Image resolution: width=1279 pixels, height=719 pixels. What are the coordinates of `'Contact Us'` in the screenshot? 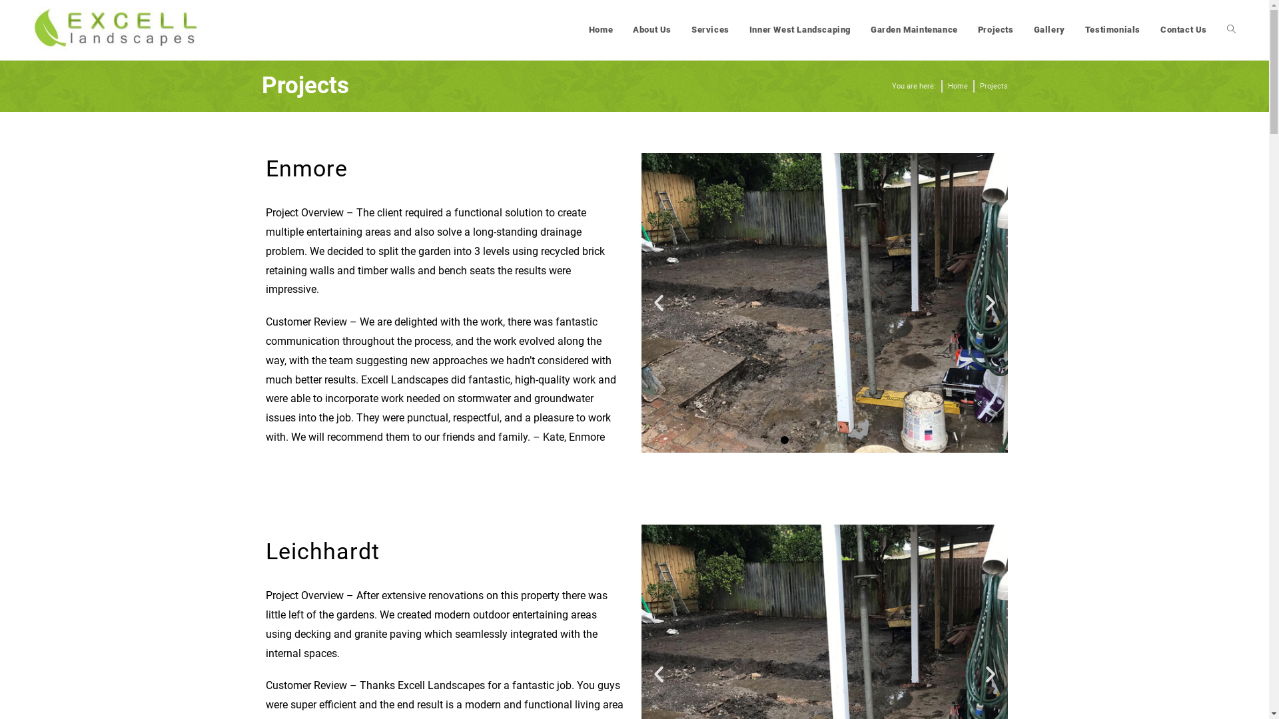 It's located at (1183, 30).